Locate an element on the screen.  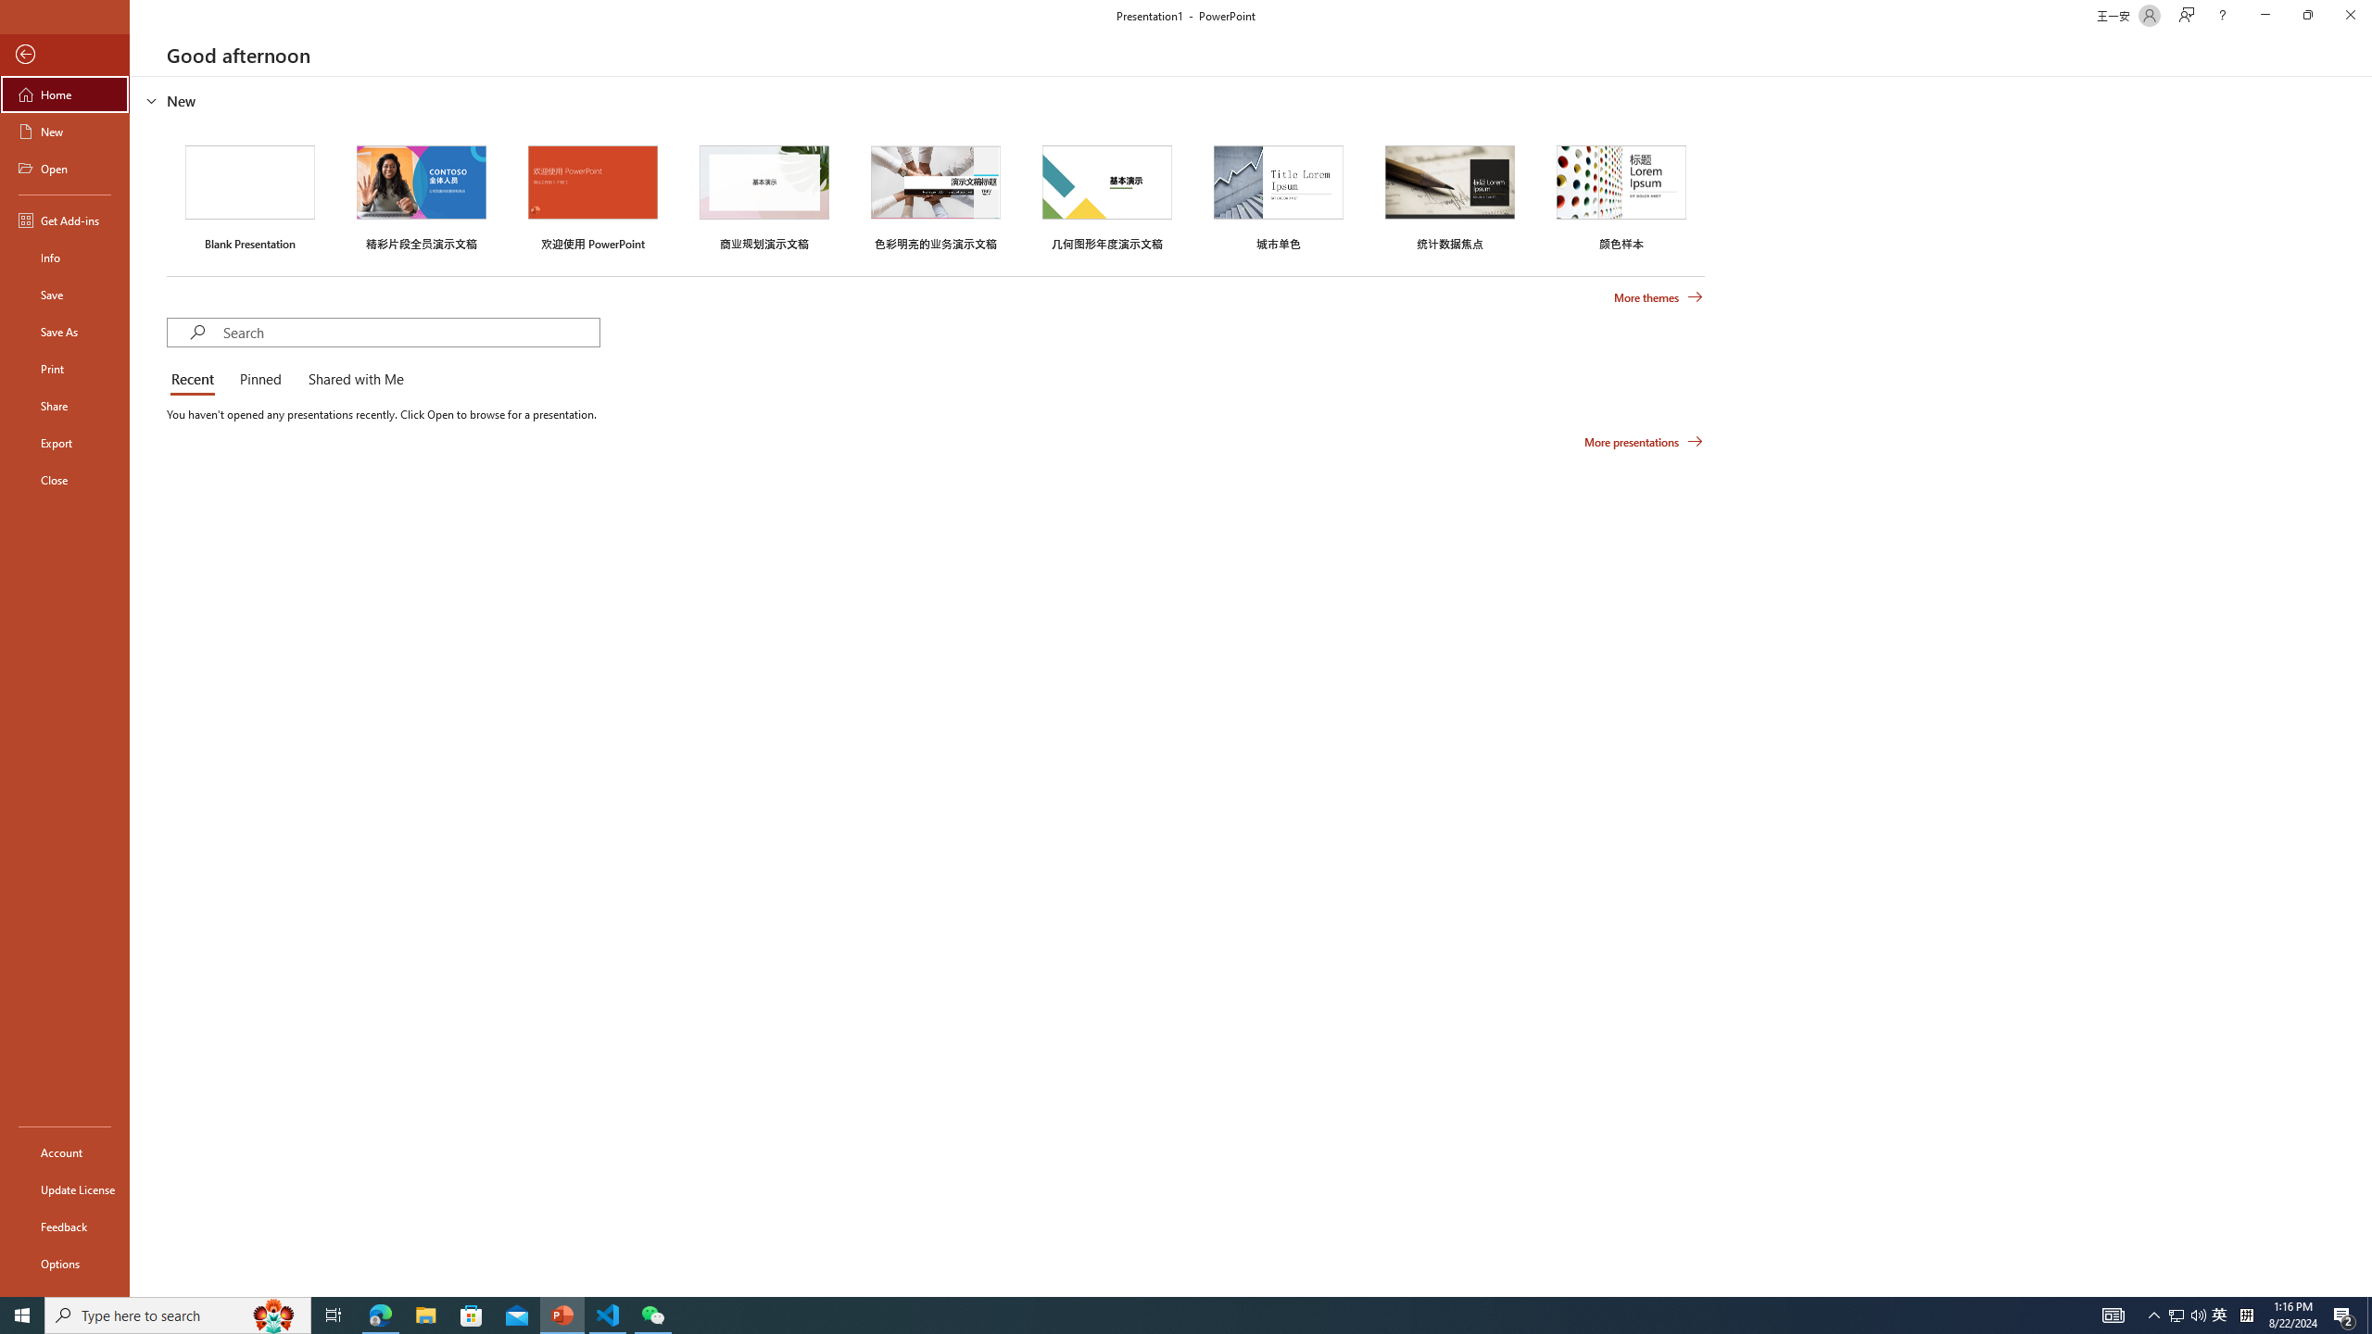
'Export' is located at coordinates (64, 443).